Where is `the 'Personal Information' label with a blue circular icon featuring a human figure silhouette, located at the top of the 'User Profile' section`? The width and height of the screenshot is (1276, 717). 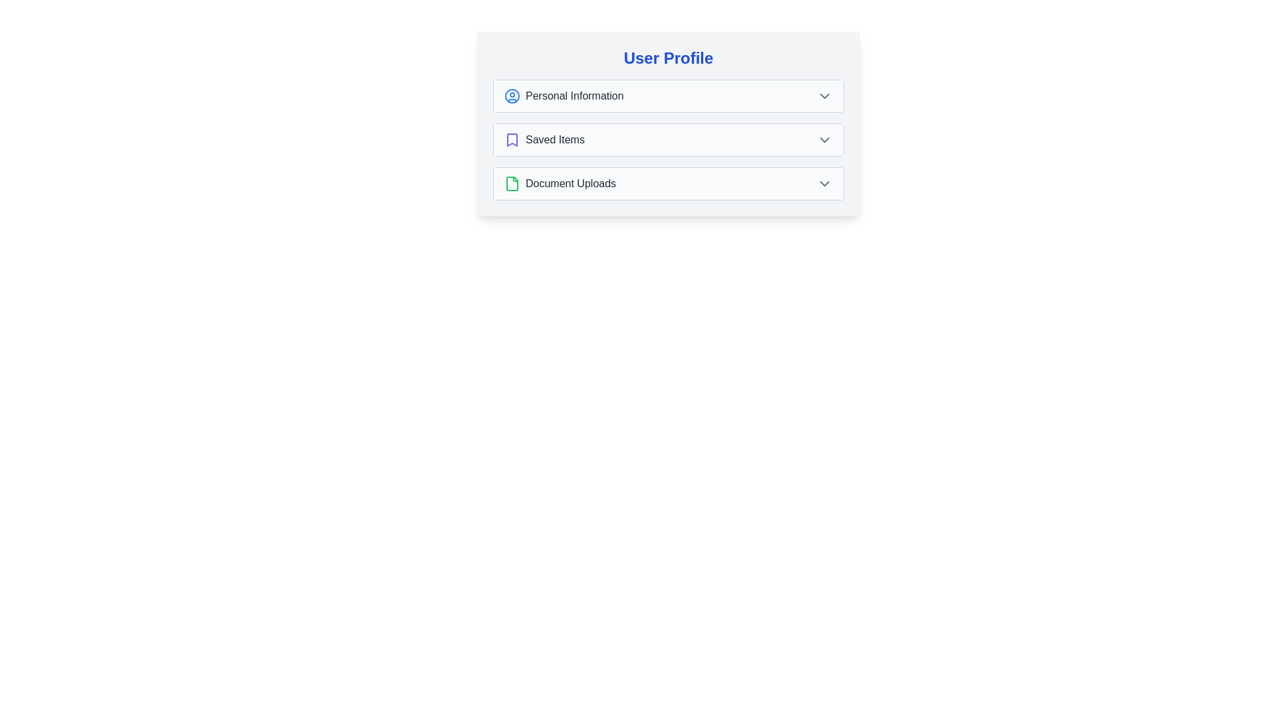
the 'Personal Information' label with a blue circular icon featuring a human figure silhouette, located at the top of the 'User Profile' section is located at coordinates (564, 96).